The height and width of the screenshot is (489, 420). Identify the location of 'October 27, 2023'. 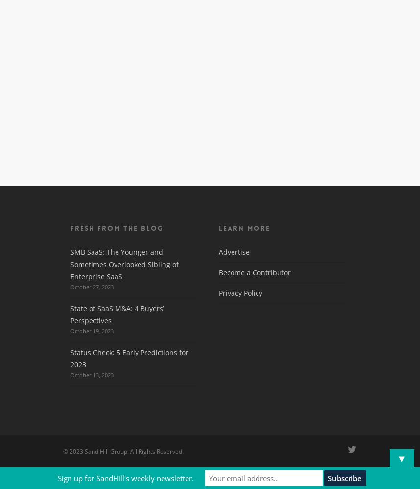
(92, 286).